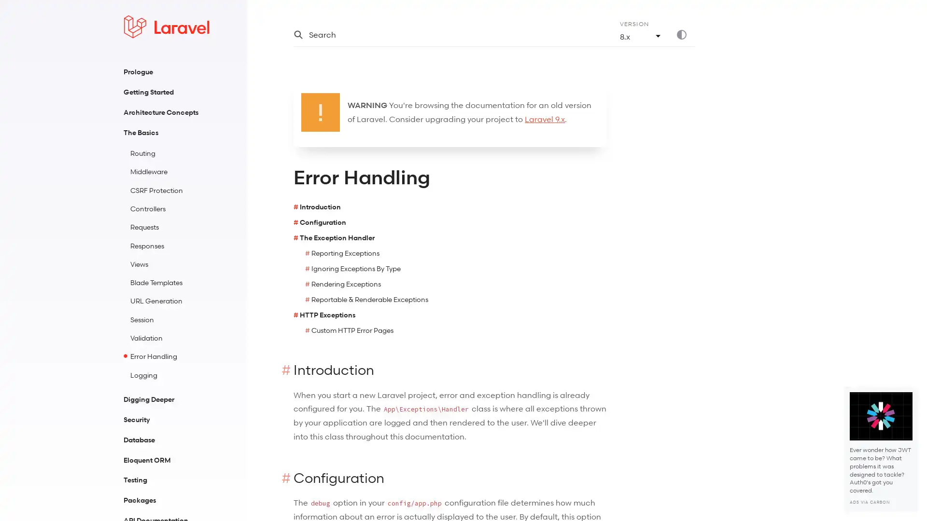 The width and height of the screenshot is (927, 521). Describe the element at coordinates (685, 34) in the screenshot. I see `Switch to dark mode` at that location.